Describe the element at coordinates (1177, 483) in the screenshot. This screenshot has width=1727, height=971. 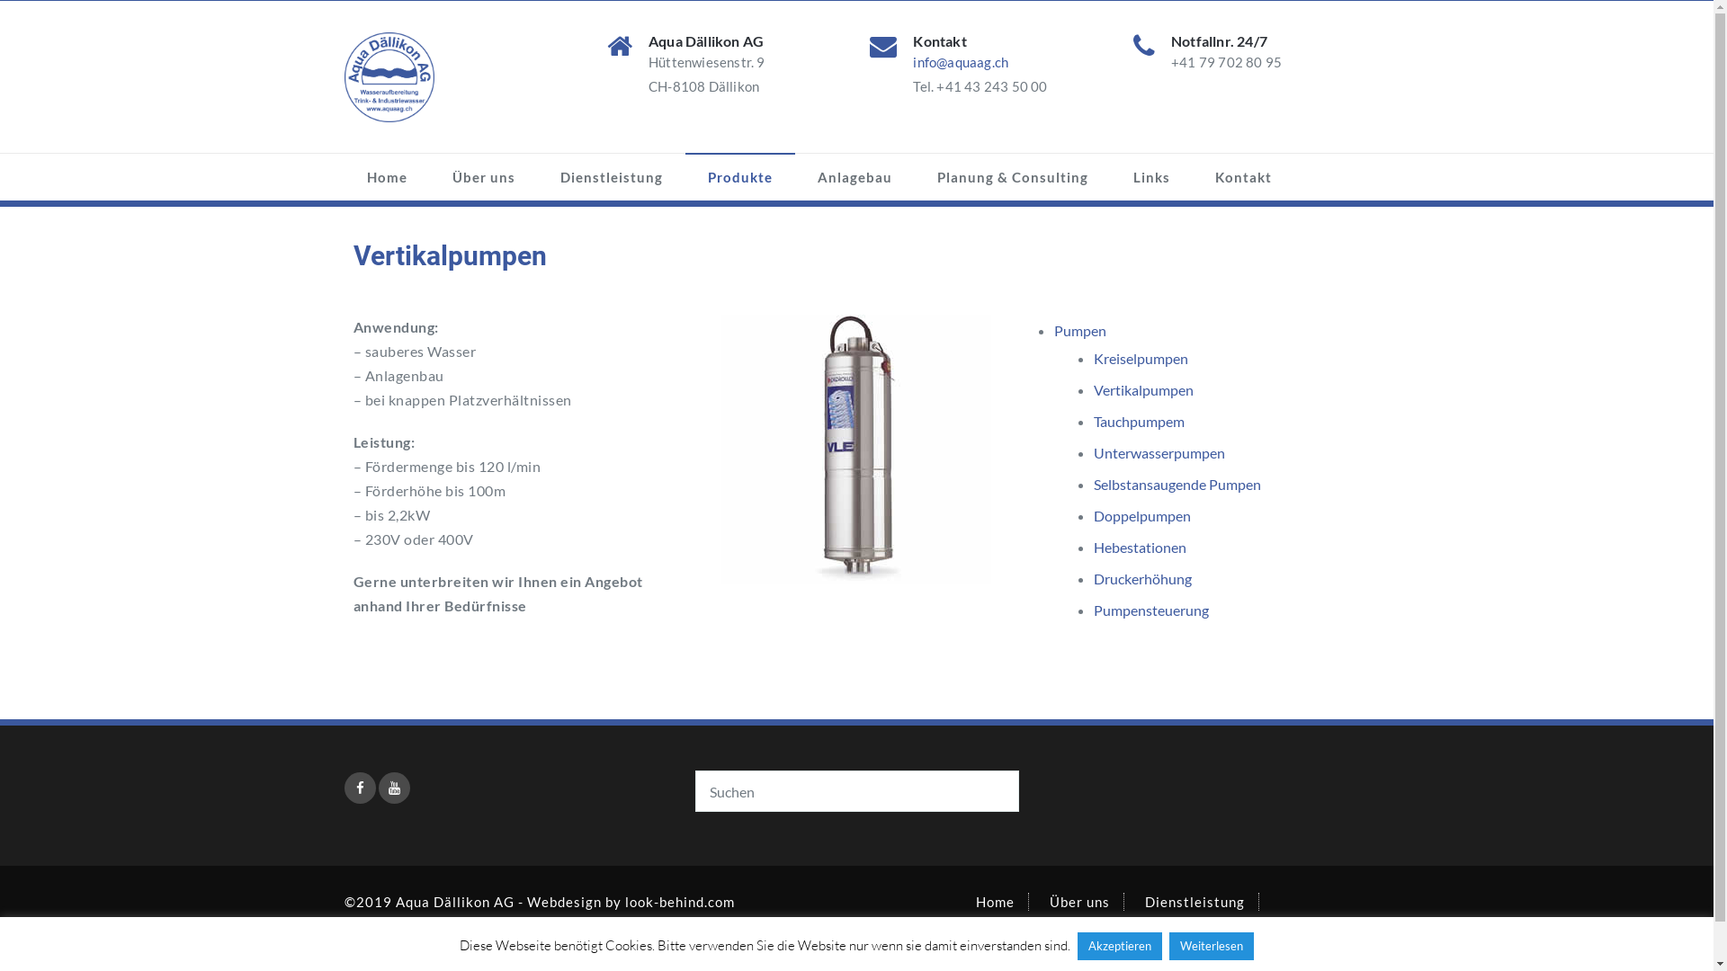
I see `'Selbstansaugende Pumpen'` at that location.